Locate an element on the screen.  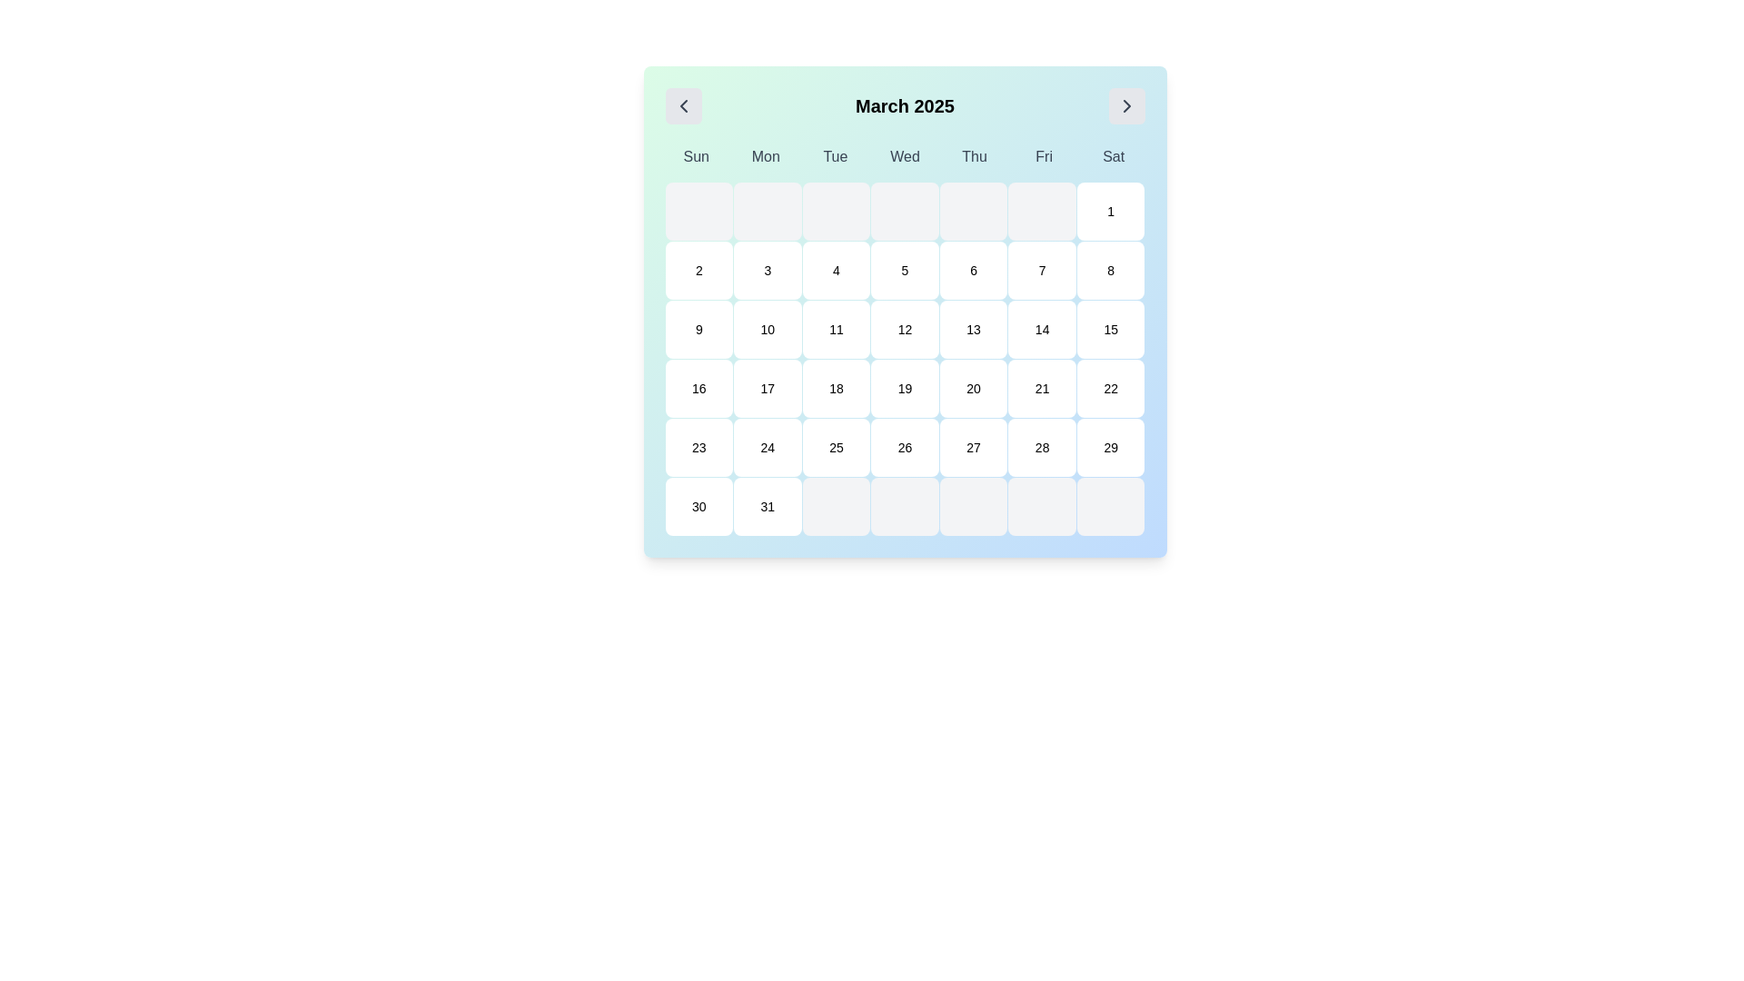
the square-shaped calendar date button displaying '24' is located at coordinates (768, 448).